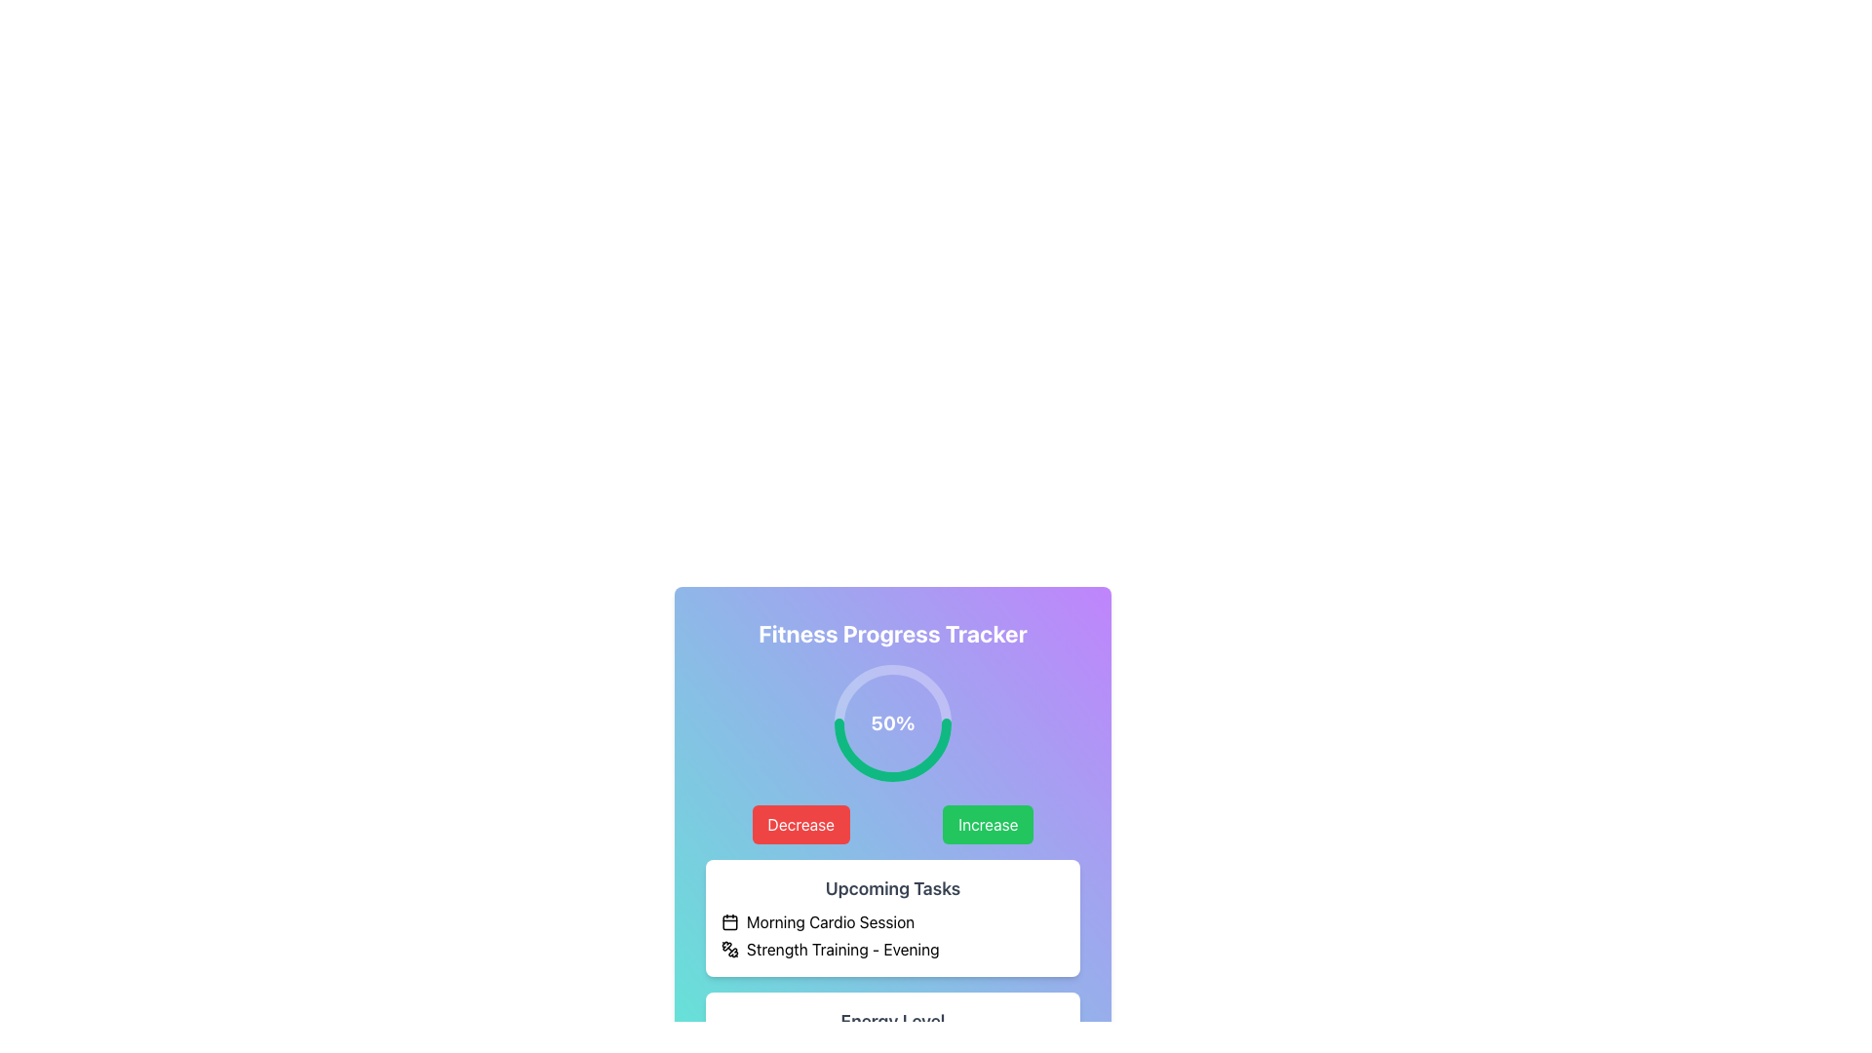 The image size is (1872, 1053). I want to click on the Circular Progress Indicator that displays '50%' and is centrally located within the 'Fitness Progress Tracker' card, so click(892, 722).